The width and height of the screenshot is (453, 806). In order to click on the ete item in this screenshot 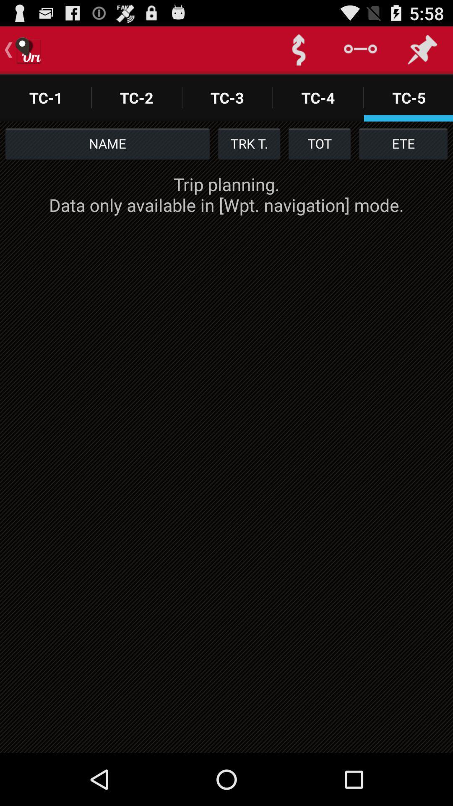, I will do `click(403, 143)`.